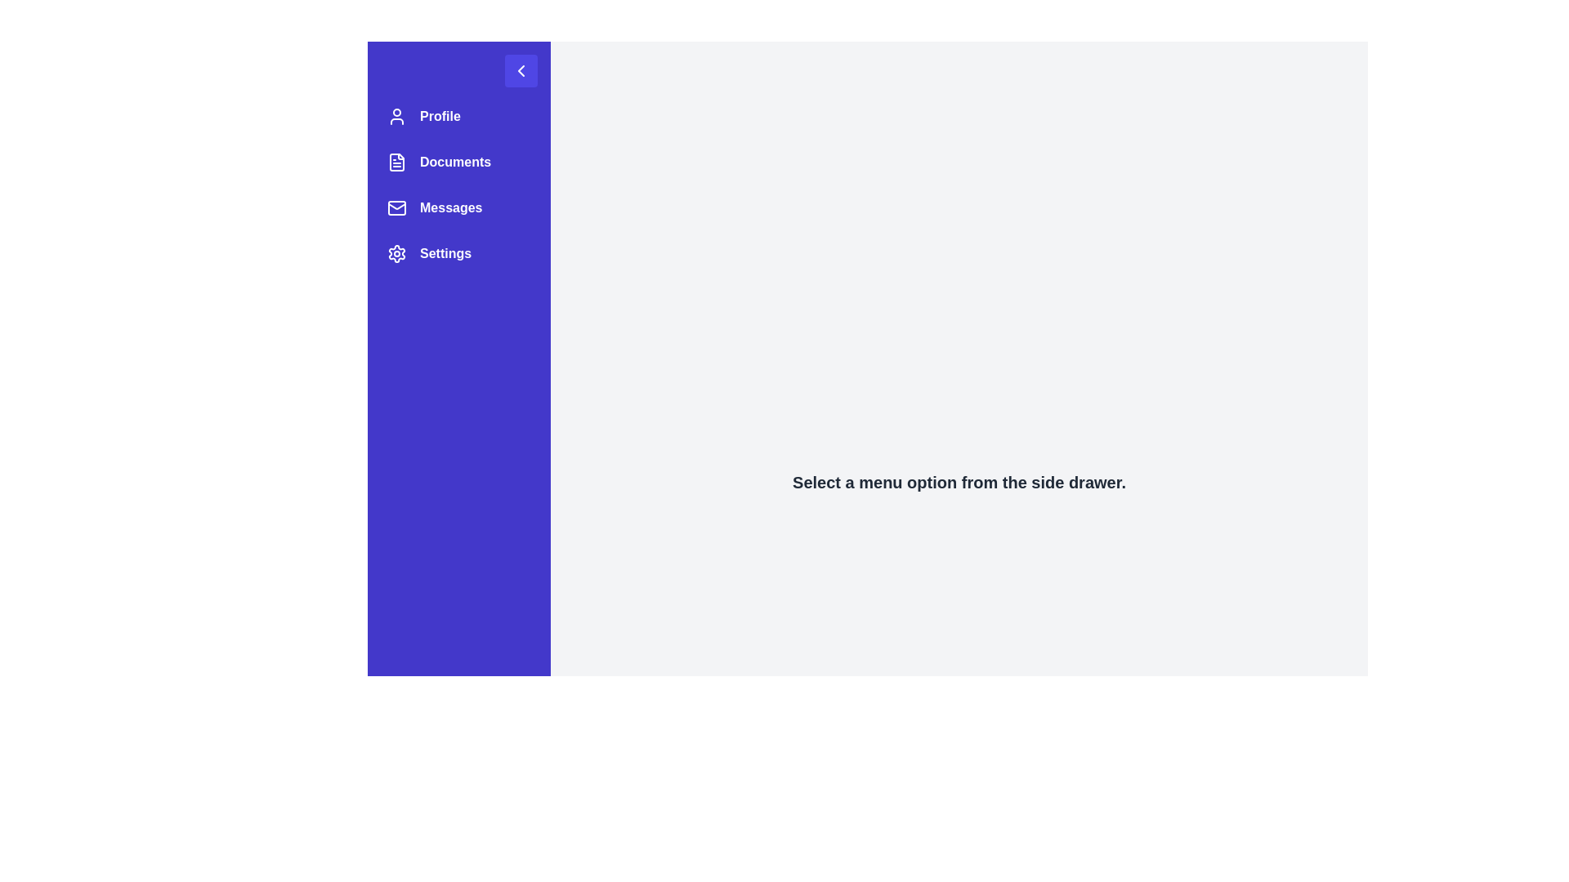 This screenshot has width=1569, height=882. What do you see at coordinates (396, 115) in the screenshot?
I see `the user icon element, which is a silhouette of a person outlined in white, located at the top of the left-side menu near the 'Profile' label` at bounding box center [396, 115].